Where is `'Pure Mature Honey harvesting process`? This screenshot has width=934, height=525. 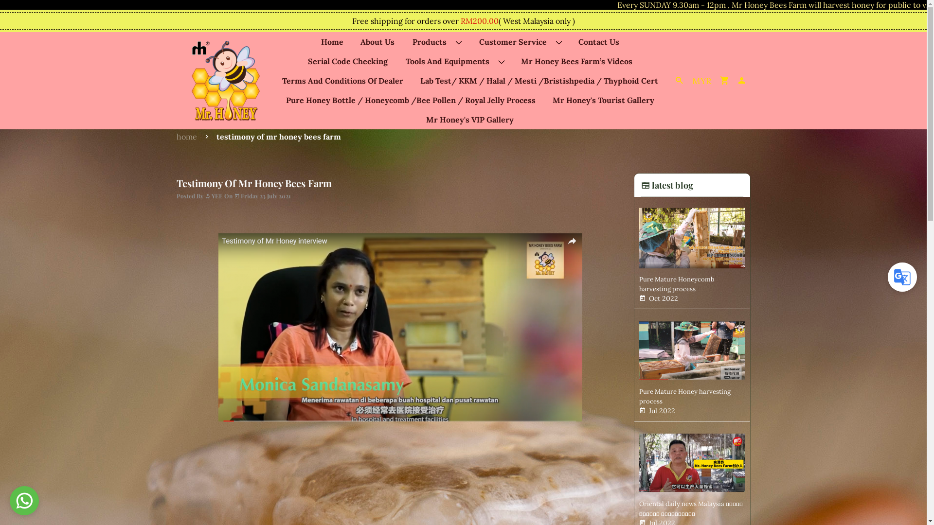
'Pure Mature Honey harvesting process is located at coordinates (691, 365).